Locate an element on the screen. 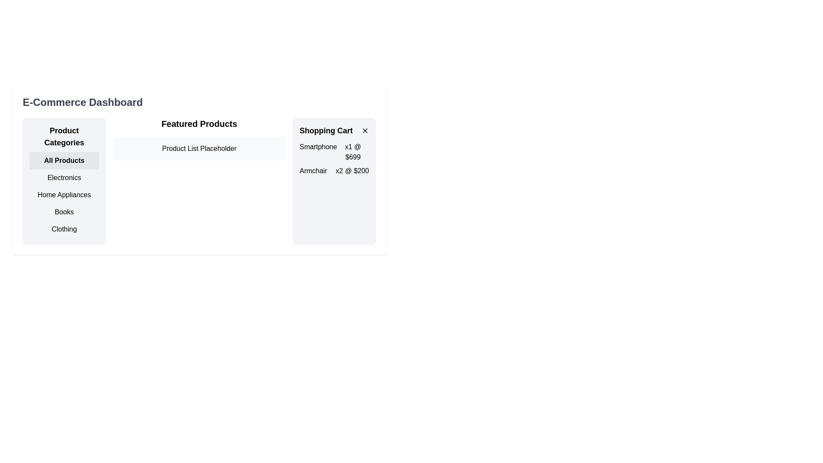 This screenshot has height=463, width=823. product name displayed in the text label located in the shopping cart summary, which starts with 'Smartphone' is located at coordinates (318, 151).